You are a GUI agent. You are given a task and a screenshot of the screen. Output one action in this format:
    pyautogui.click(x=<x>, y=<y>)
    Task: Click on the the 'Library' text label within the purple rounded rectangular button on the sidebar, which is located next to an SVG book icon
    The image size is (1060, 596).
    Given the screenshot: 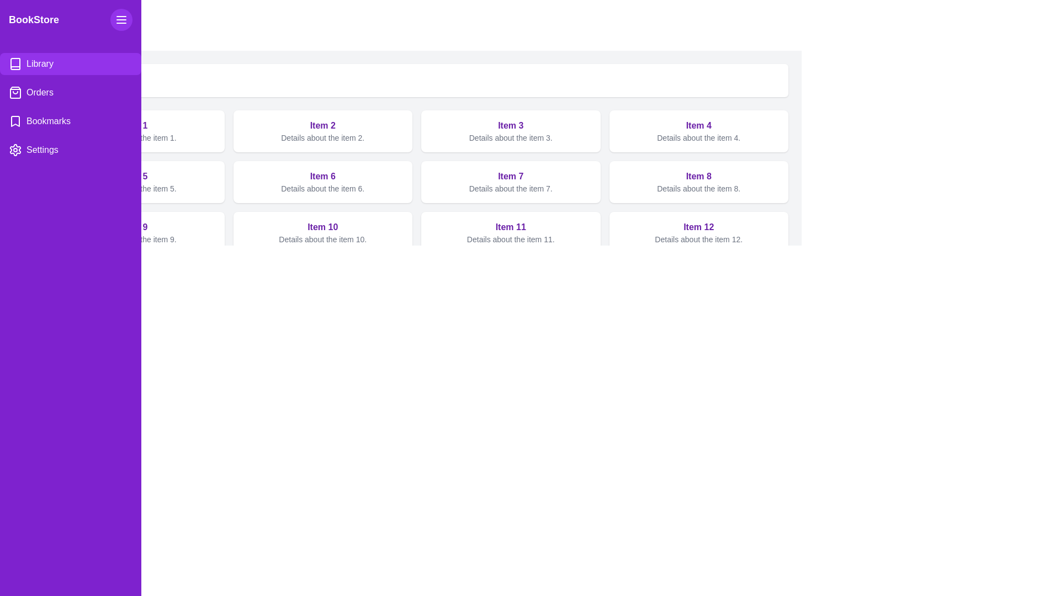 What is the action you would take?
    pyautogui.click(x=40, y=63)
    